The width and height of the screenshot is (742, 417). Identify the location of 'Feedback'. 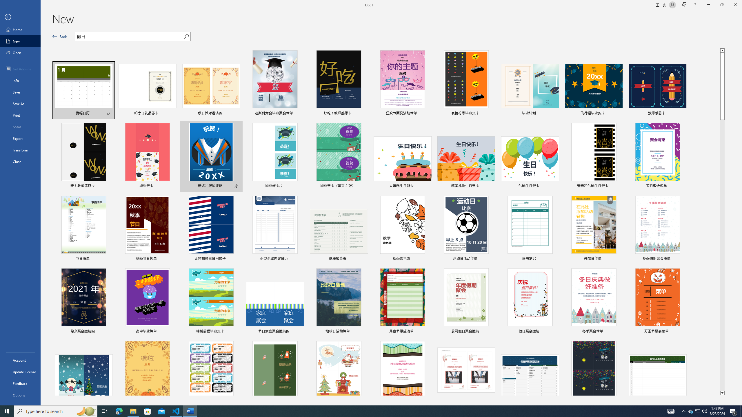
(20, 383).